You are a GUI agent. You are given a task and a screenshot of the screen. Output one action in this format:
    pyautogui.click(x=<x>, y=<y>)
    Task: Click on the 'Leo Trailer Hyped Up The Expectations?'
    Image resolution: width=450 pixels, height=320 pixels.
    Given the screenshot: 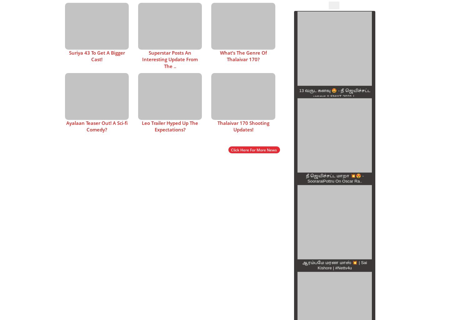 What is the action you would take?
    pyautogui.click(x=170, y=126)
    